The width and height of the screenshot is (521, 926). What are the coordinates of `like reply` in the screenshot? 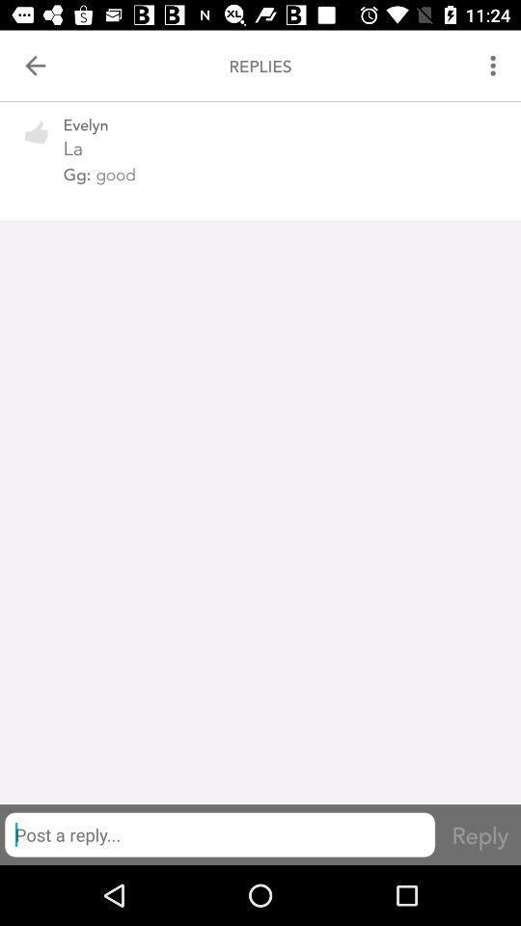 It's located at (37, 143).